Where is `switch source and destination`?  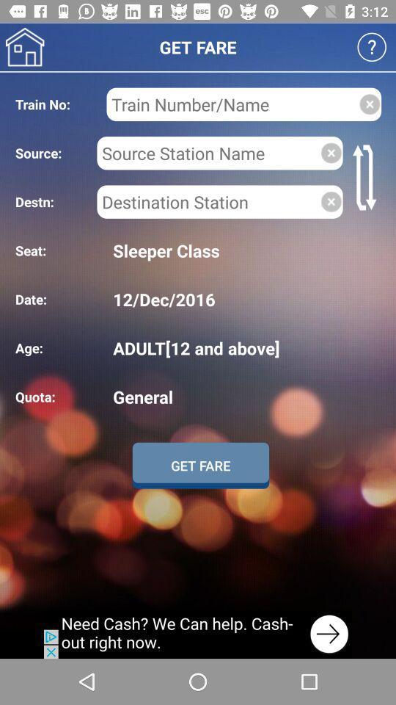 switch source and destination is located at coordinates (366, 176).